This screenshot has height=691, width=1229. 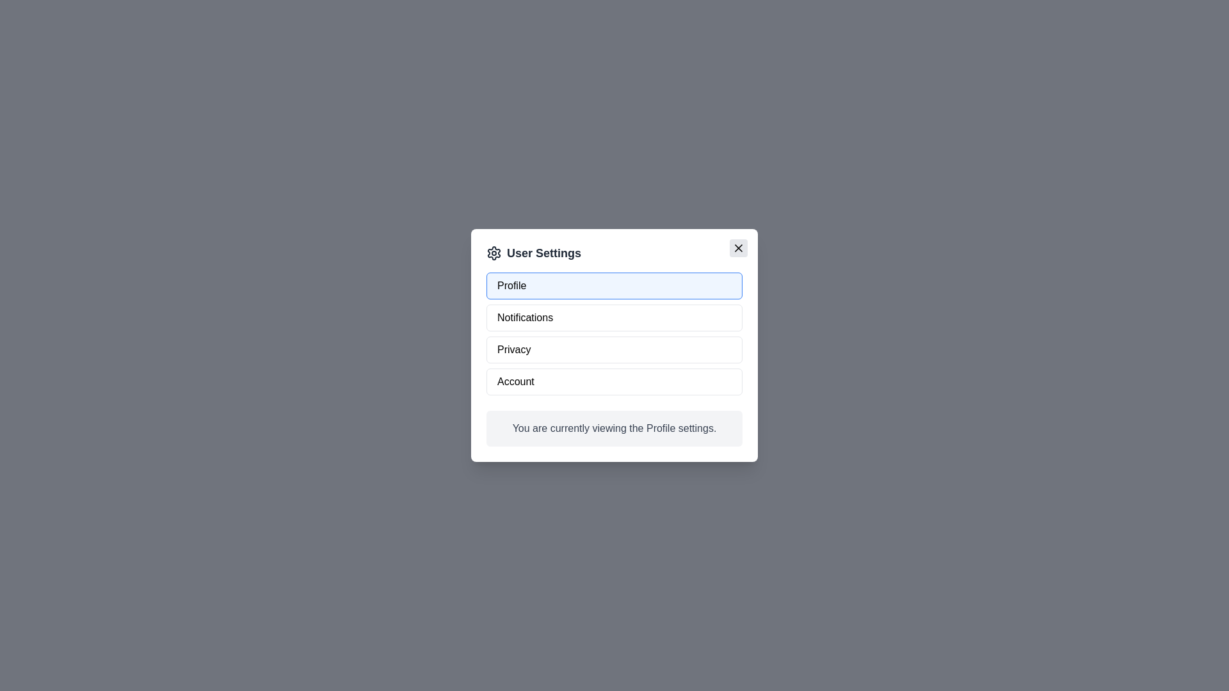 What do you see at coordinates (614, 285) in the screenshot?
I see `the setting Profile by clicking on its button` at bounding box center [614, 285].